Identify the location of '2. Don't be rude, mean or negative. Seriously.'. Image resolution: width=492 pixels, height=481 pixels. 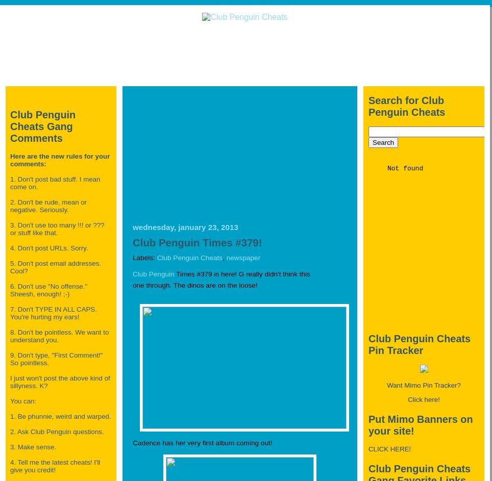
(47, 205).